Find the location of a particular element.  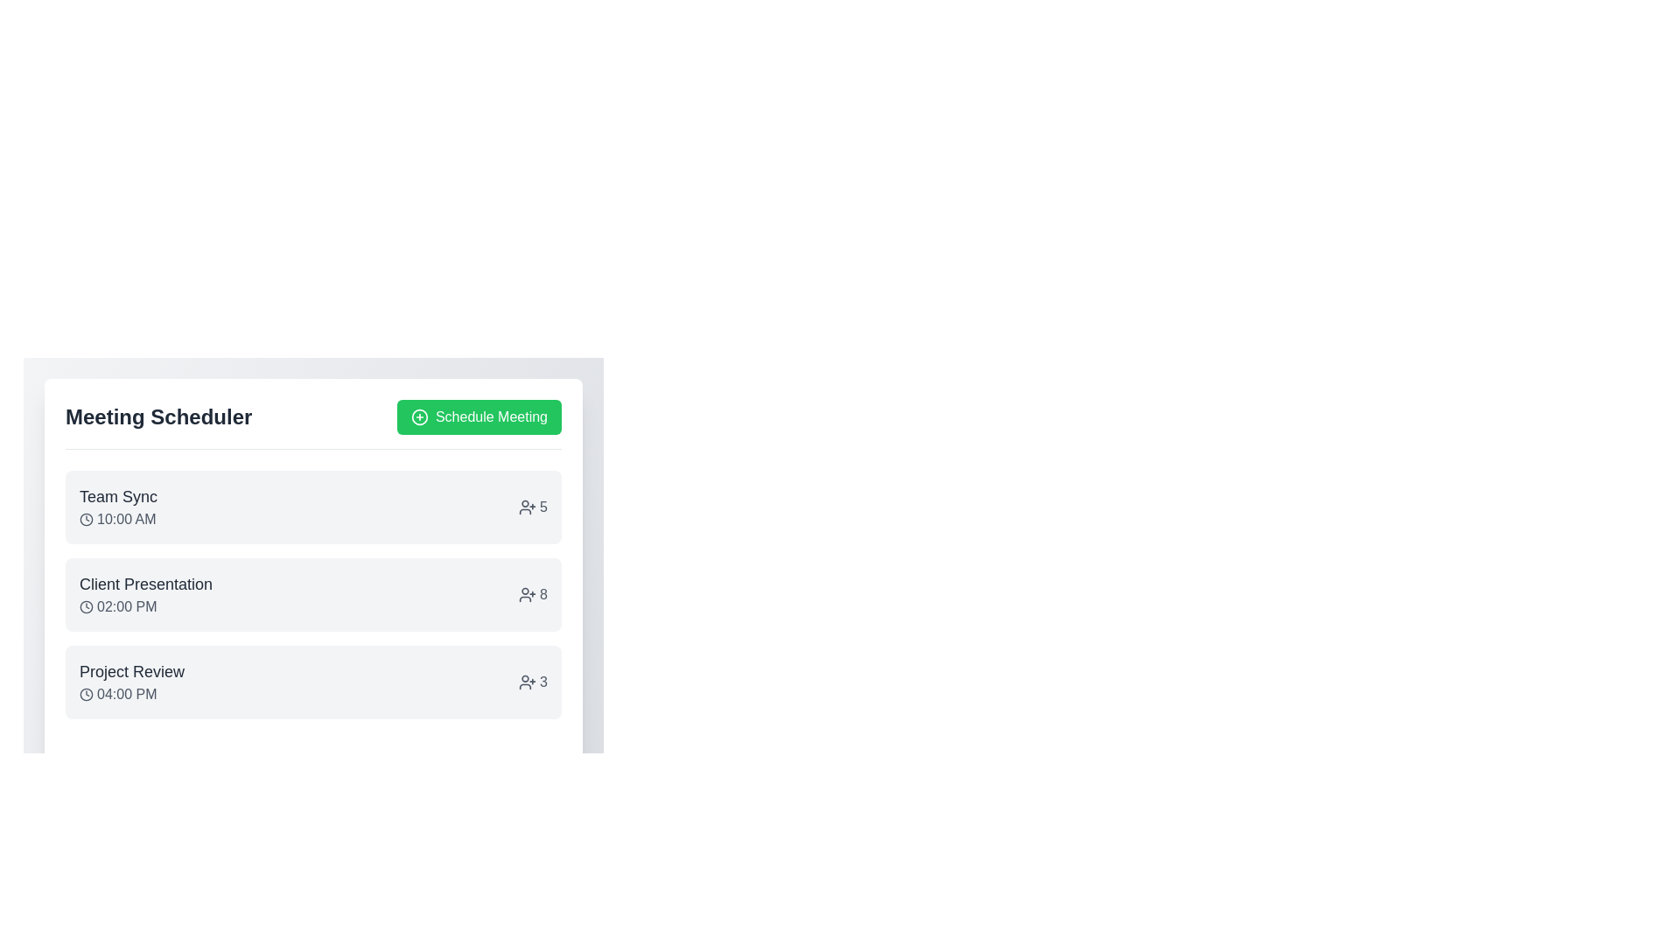

the 'Team Sync' text label is located at coordinates (117, 496).